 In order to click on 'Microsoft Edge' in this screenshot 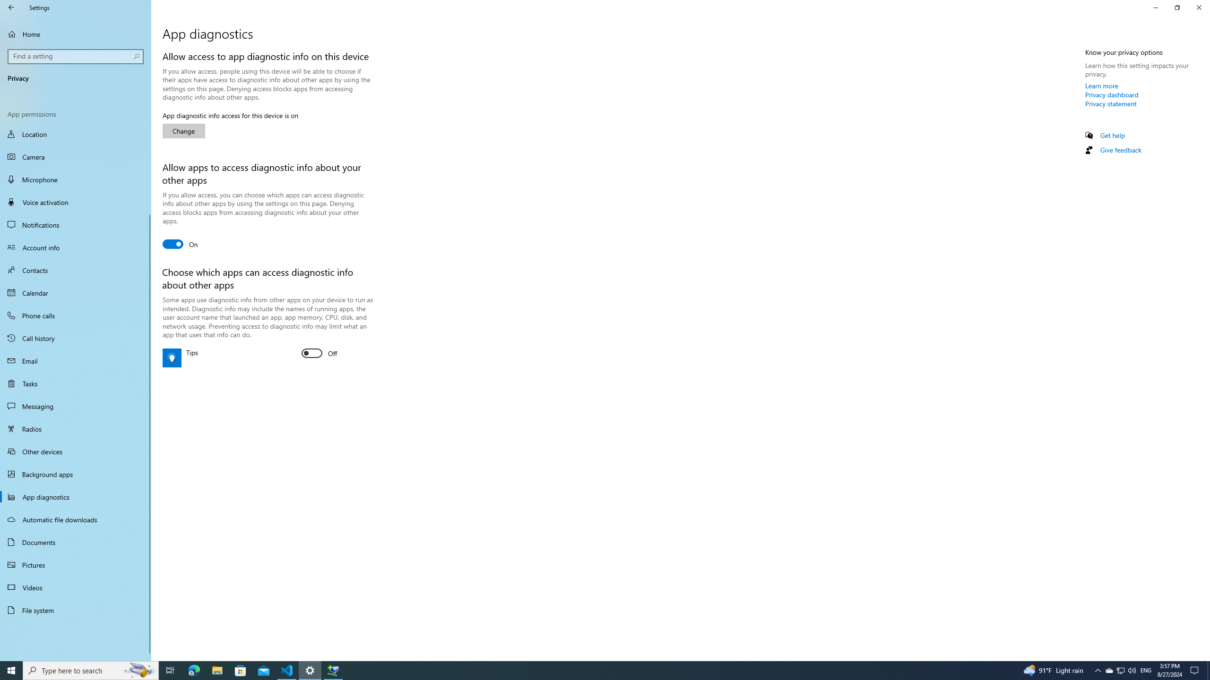, I will do `click(193, 670)`.